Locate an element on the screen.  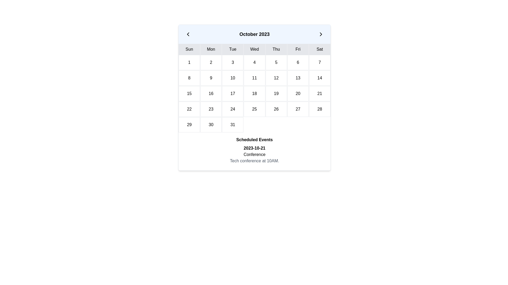
the text box representing the 7th day in the calendar layout is located at coordinates (319, 62).